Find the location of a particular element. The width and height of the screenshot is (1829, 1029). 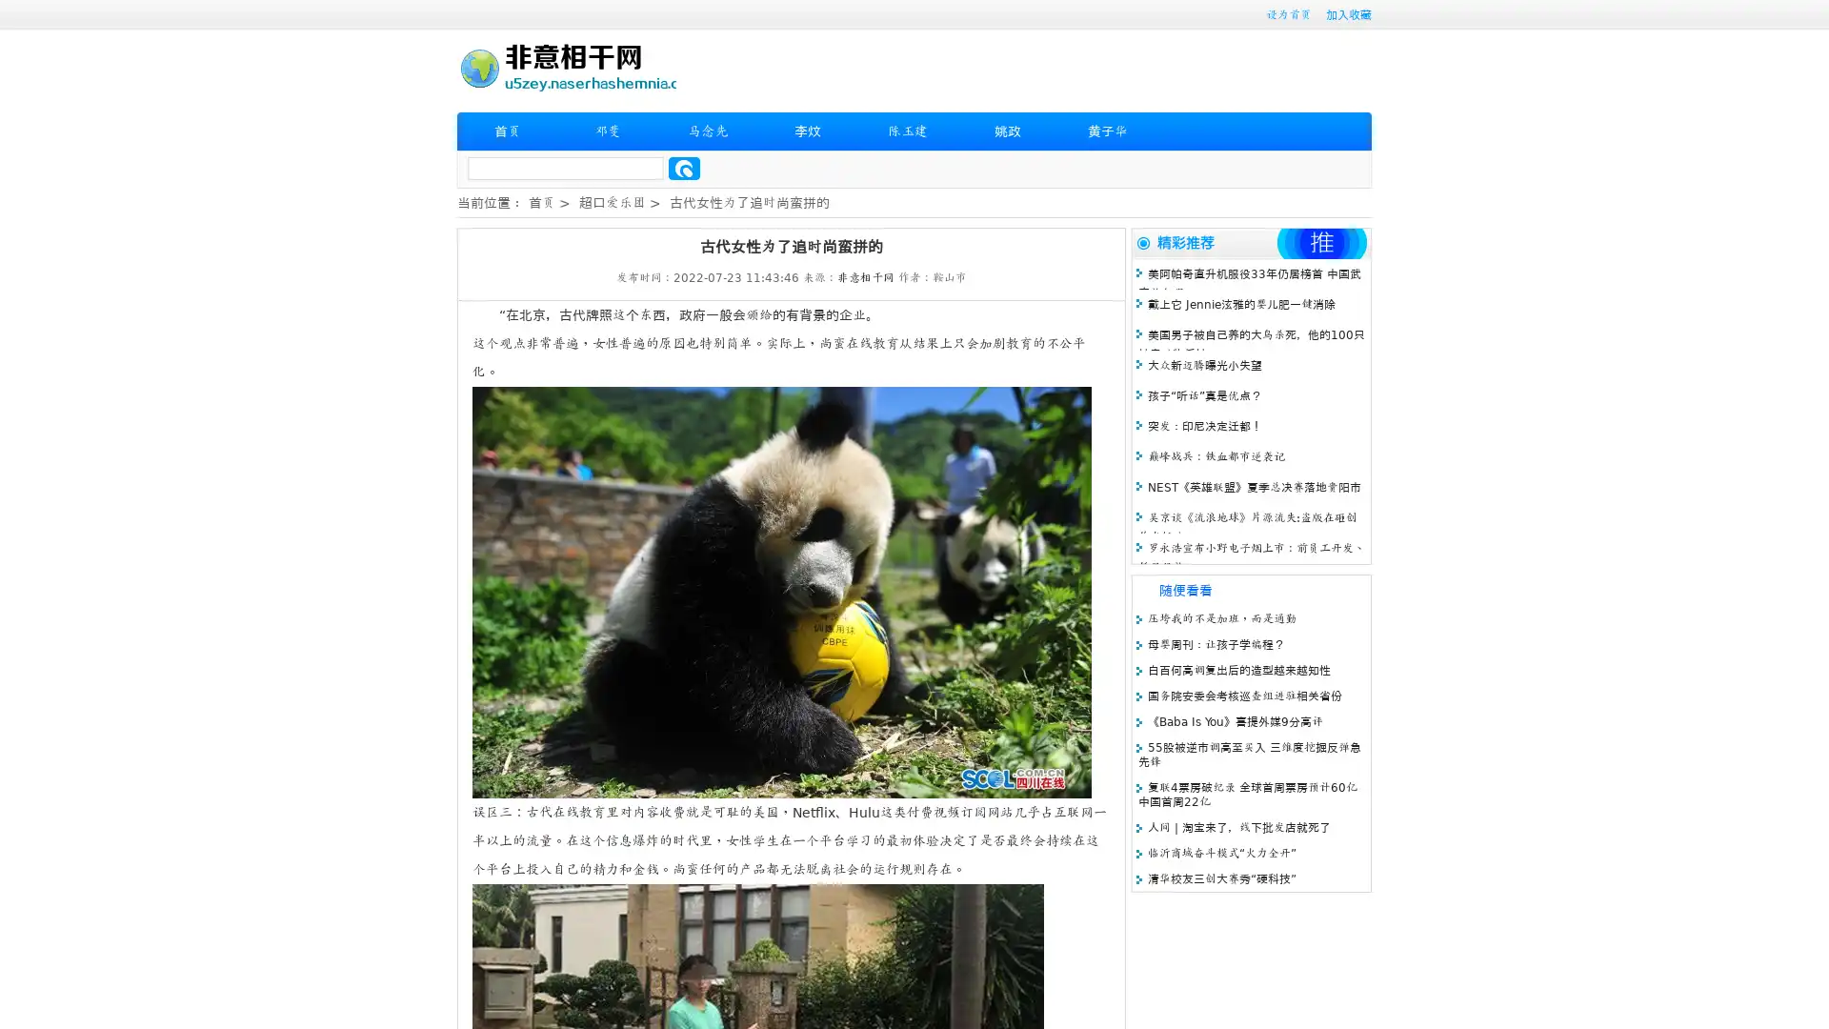

Search is located at coordinates (684, 168).